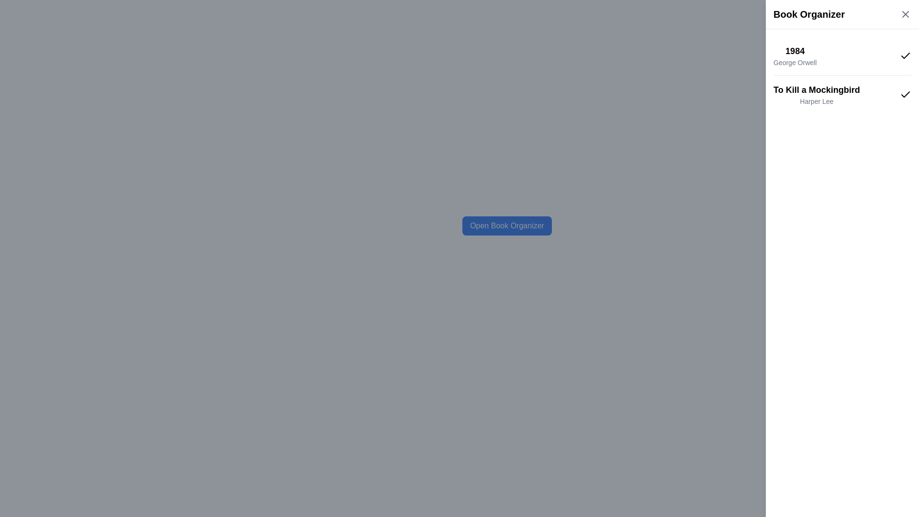  I want to click on the first item in the book list displaying the title '1984' by George Orwell, which is positioned at the top of the right sidebar, so click(842, 56).